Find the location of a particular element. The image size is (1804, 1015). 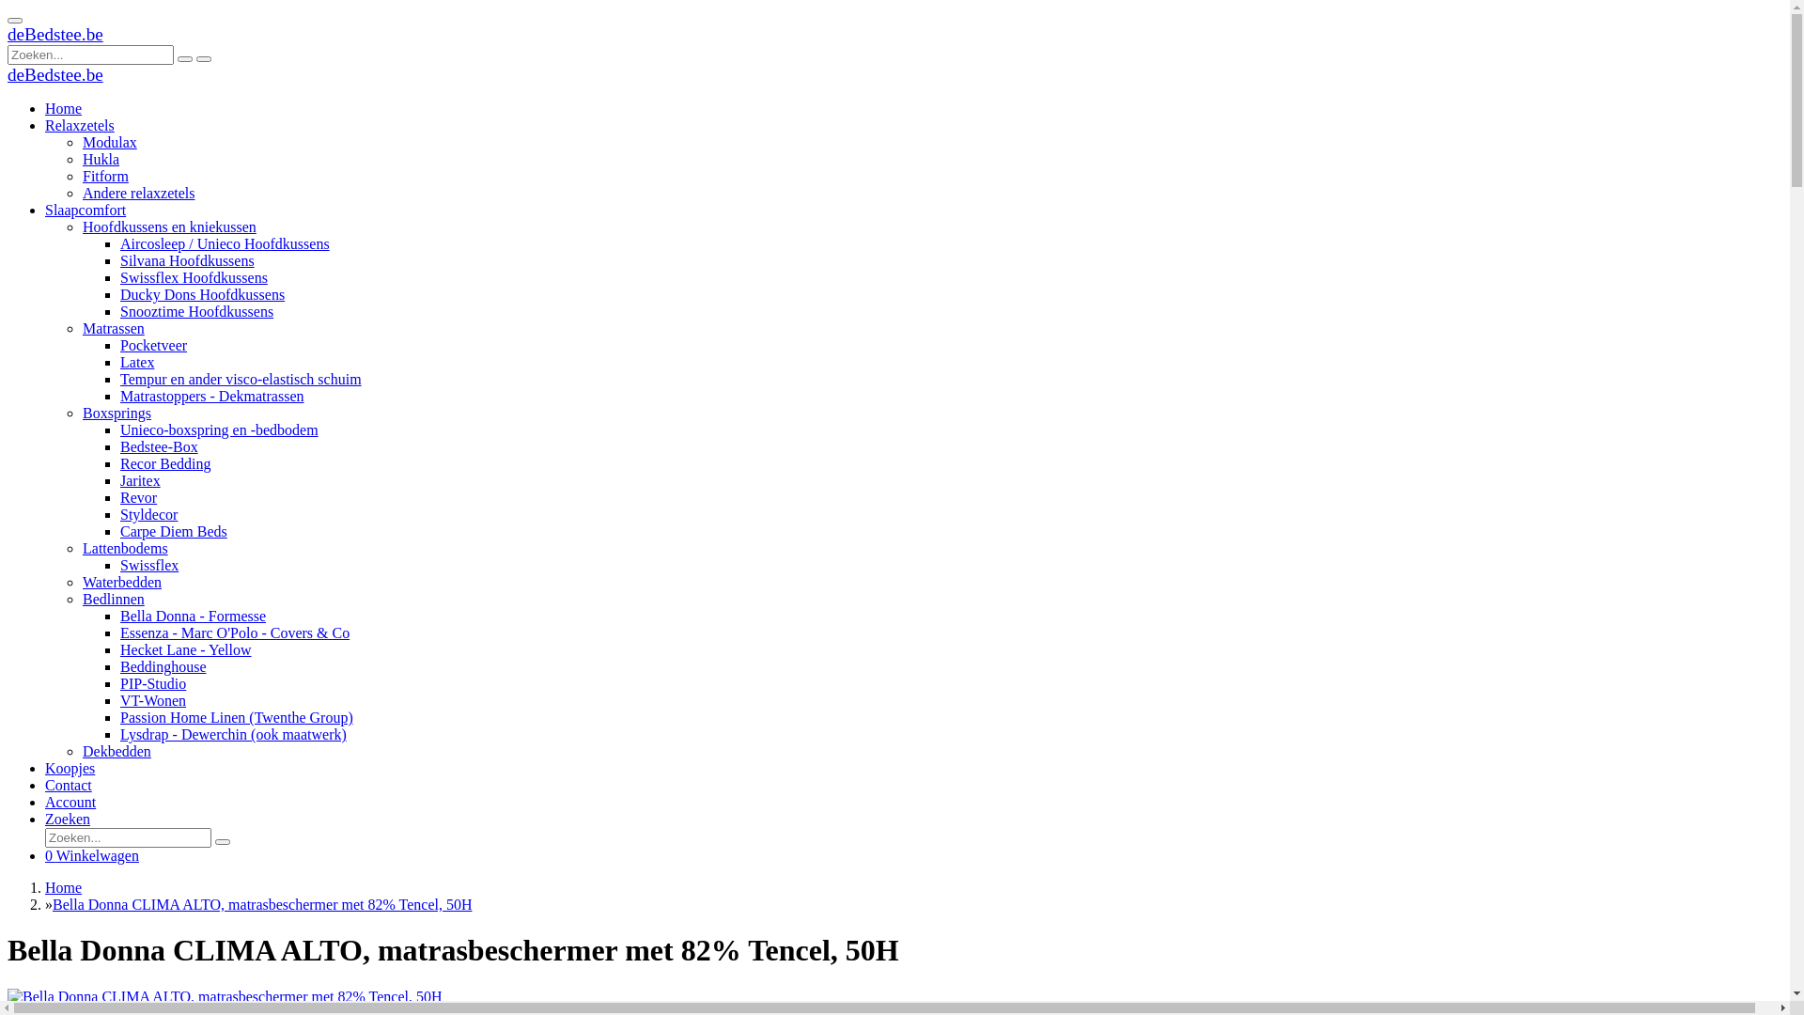

'Modulax' is located at coordinates (108, 141).